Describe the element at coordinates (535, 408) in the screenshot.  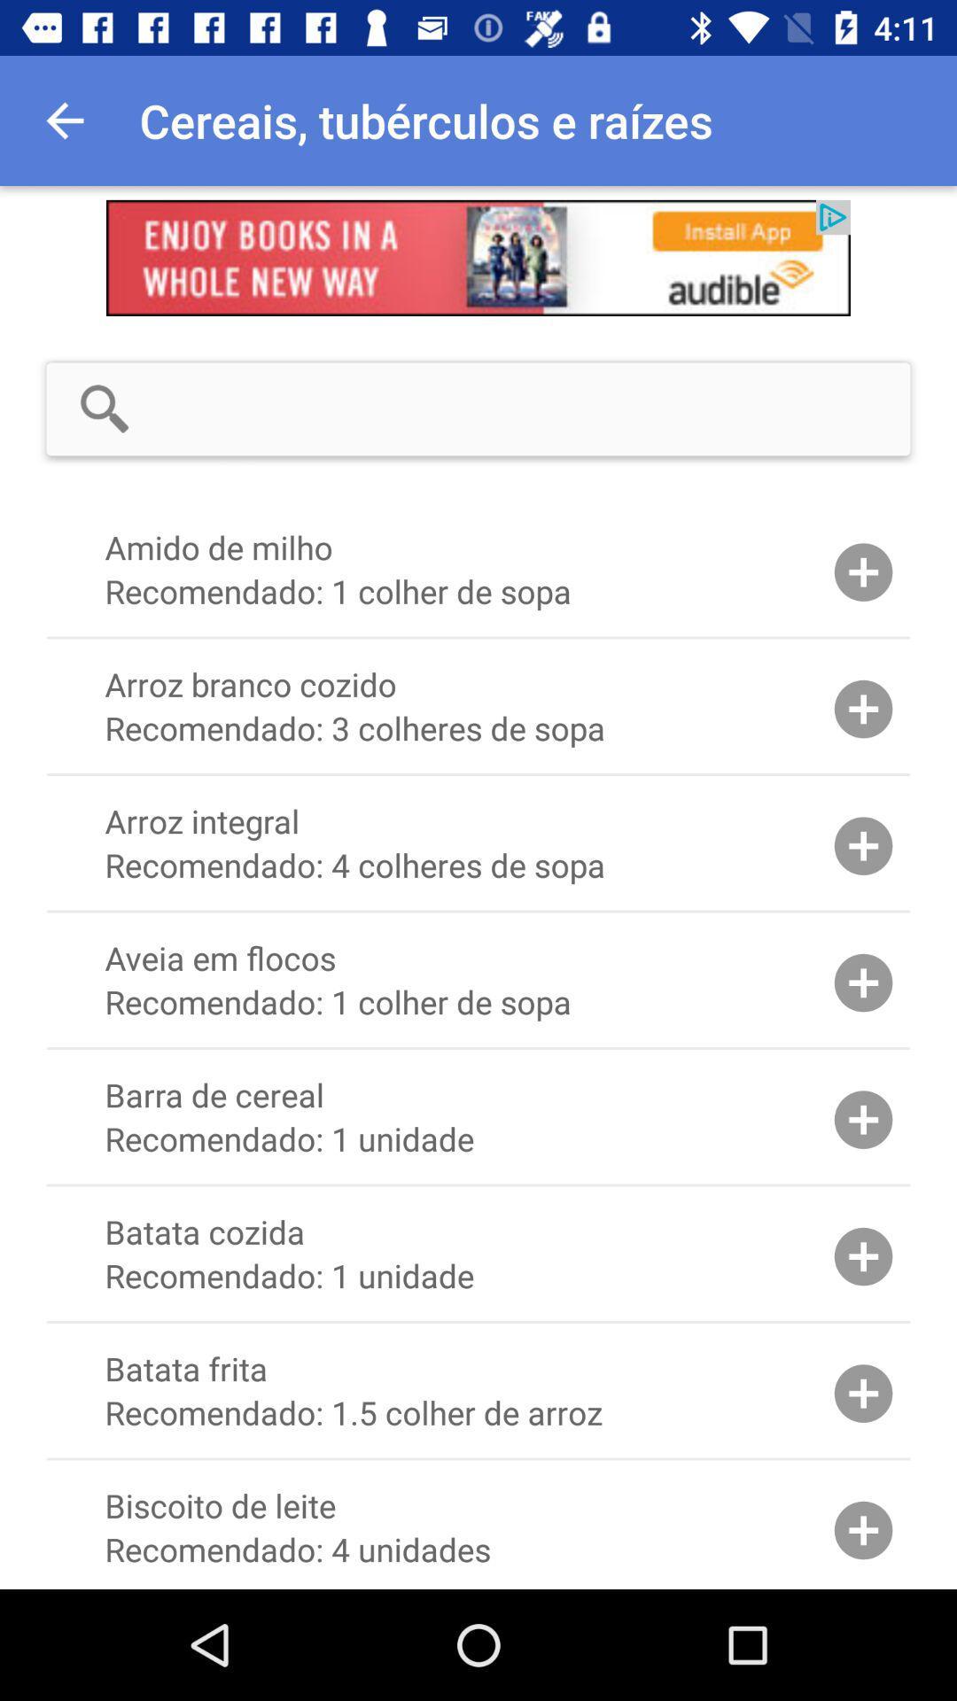
I see `search input` at that location.